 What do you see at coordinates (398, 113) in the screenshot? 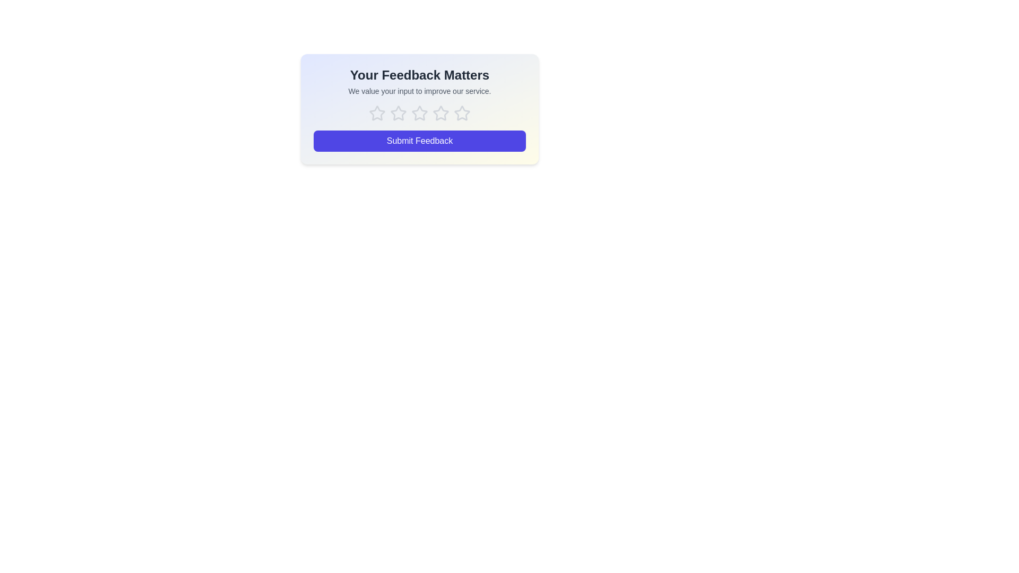
I see `the second star-shaped icon in the rating system, which has a light gray outline` at bounding box center [398, 113].